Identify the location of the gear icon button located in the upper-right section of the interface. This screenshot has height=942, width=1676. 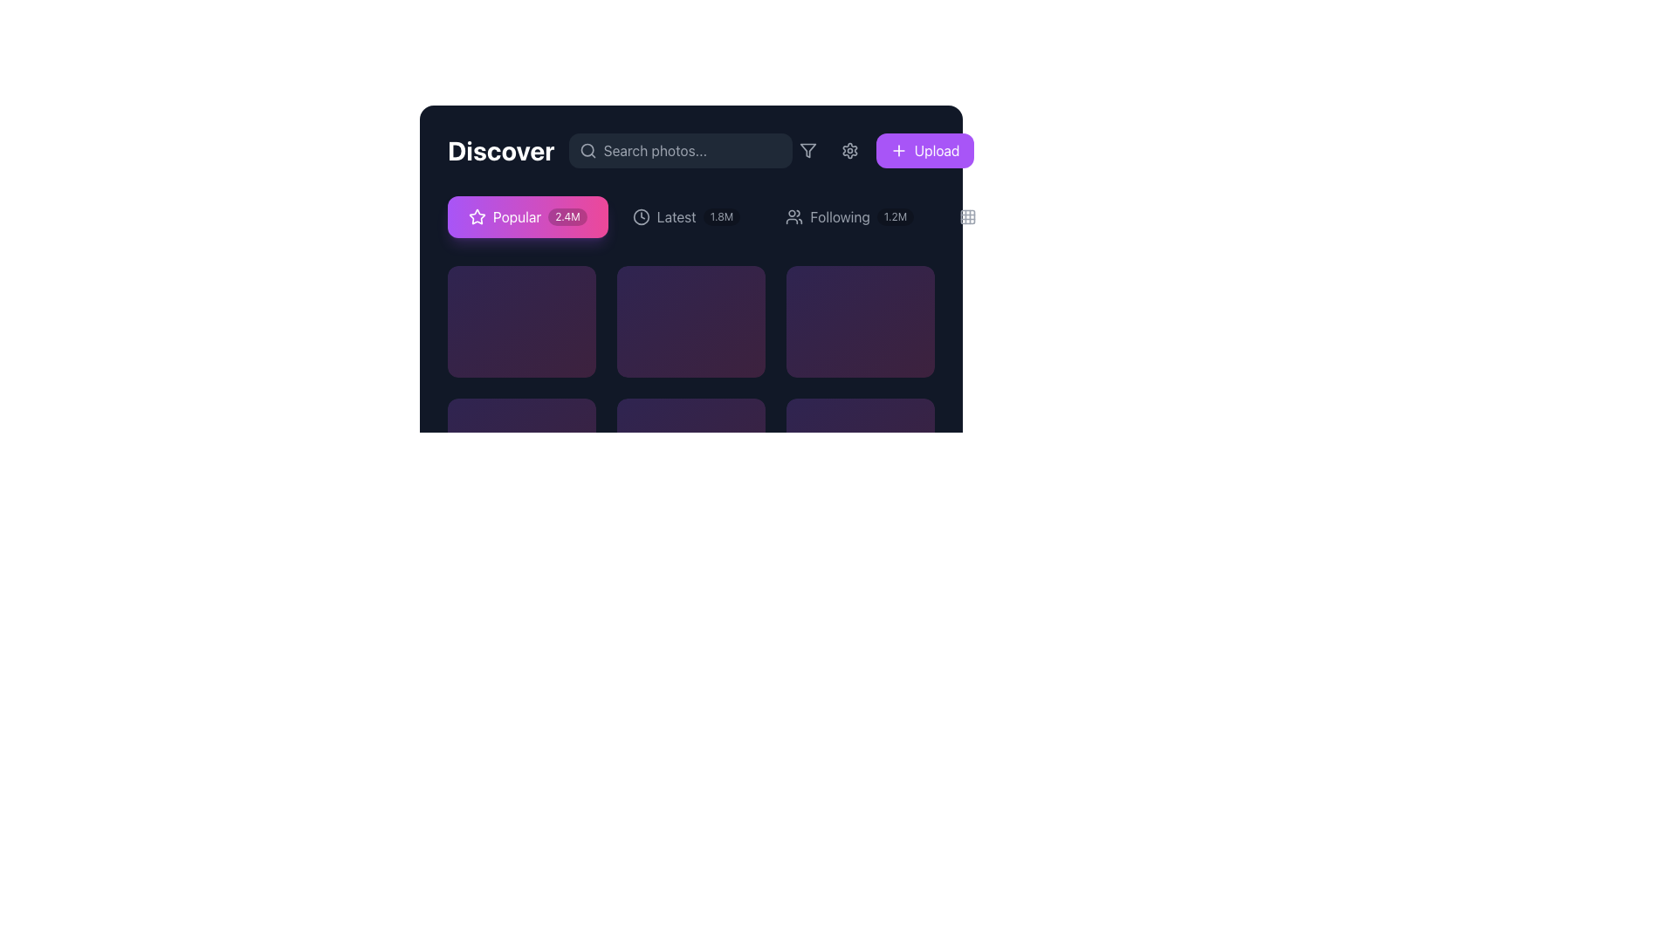
(849, 150).